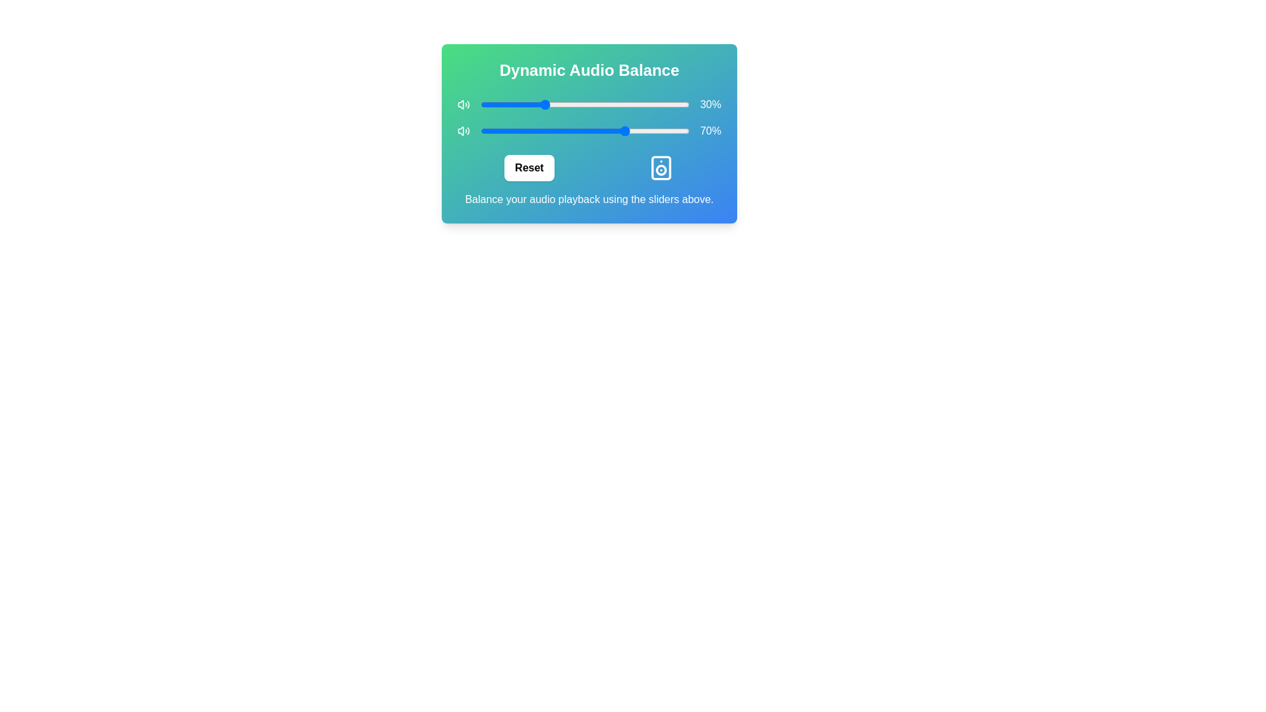 This screenshot has height=712, width=1266. Describe the element at coordinates (588, 71) in the screenshot. I see `the Static text header displaying 'Dynamic Audio Balance' which is centered in a green-to-blue gradient background at the top of the component` at that location.